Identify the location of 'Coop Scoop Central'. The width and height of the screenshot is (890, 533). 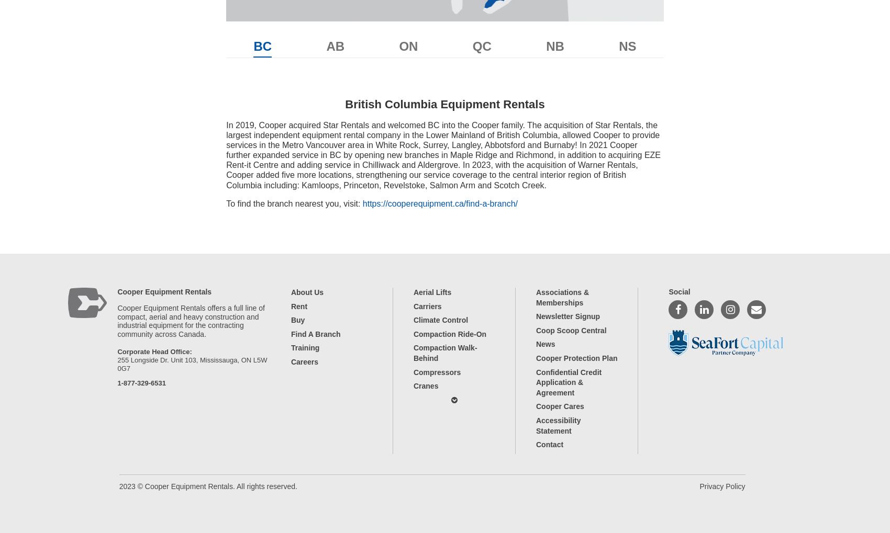
(571, 330).